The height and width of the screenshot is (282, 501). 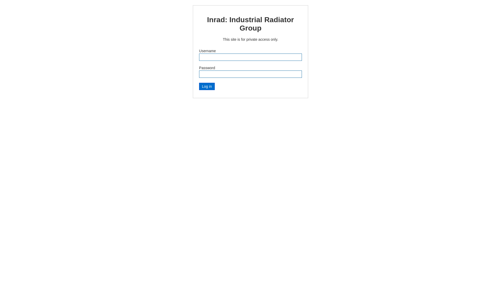 I want to click on 'Log in', so click(x=206, y=86).